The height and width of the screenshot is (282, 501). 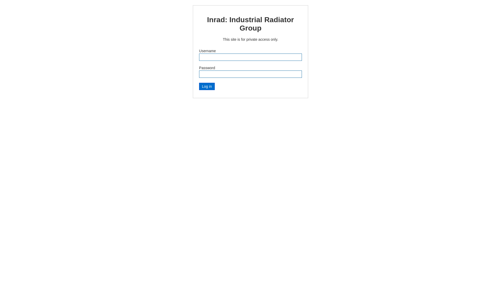 I want to click on 'Log in', so click(x=206, y=86).